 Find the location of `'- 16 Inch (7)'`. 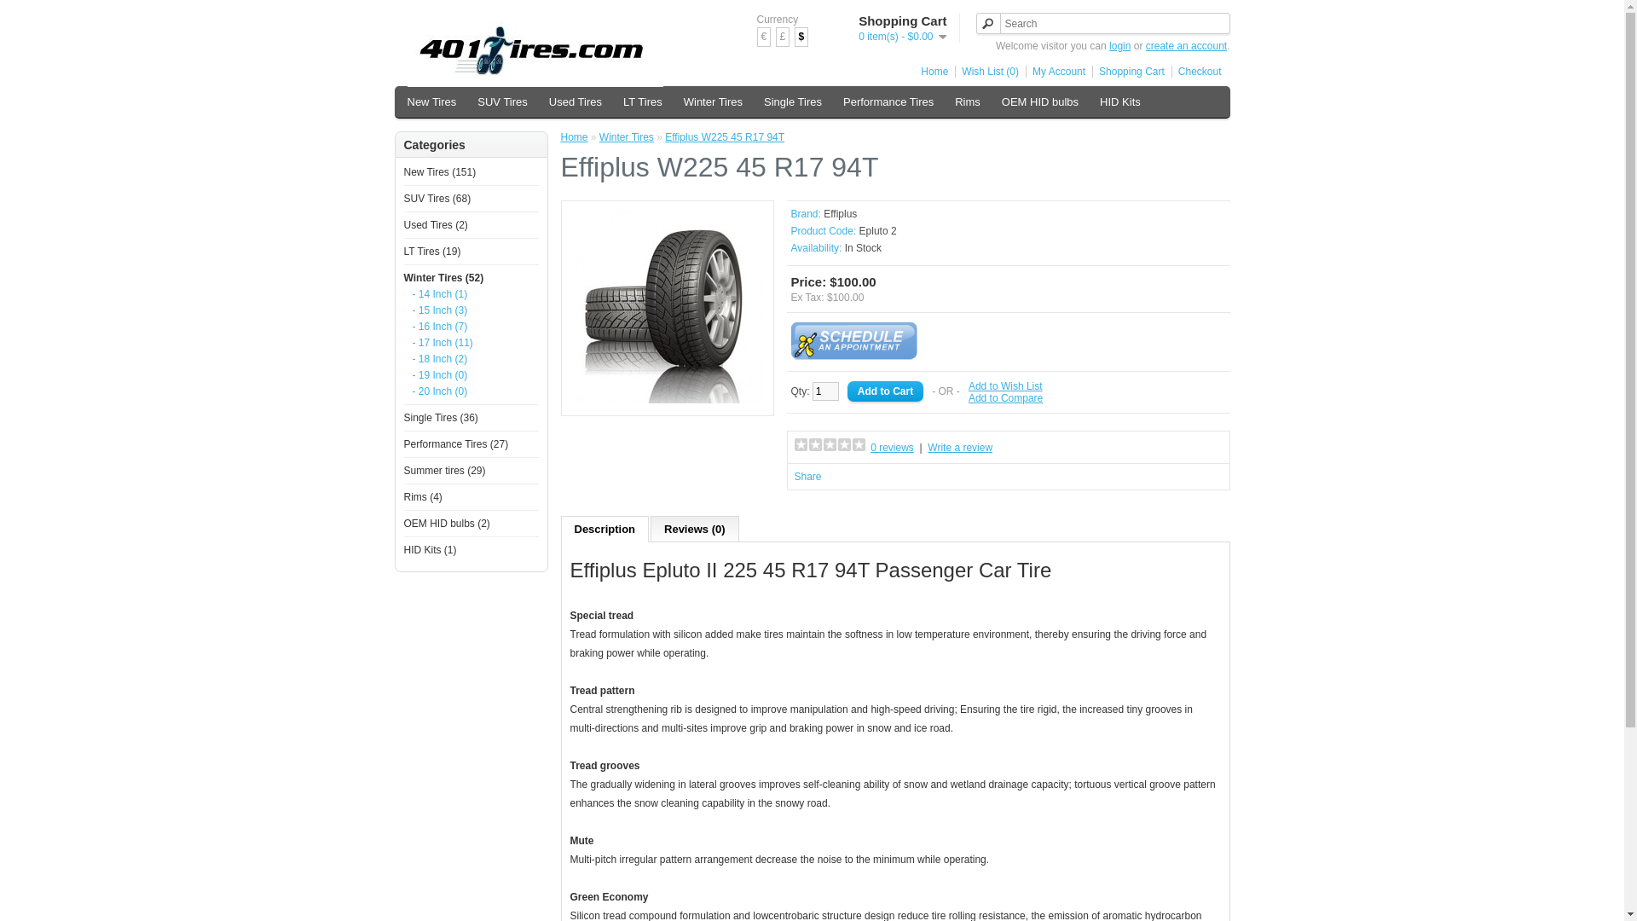

'- 16 Inch (7)' is located at coordinates (470, 326).